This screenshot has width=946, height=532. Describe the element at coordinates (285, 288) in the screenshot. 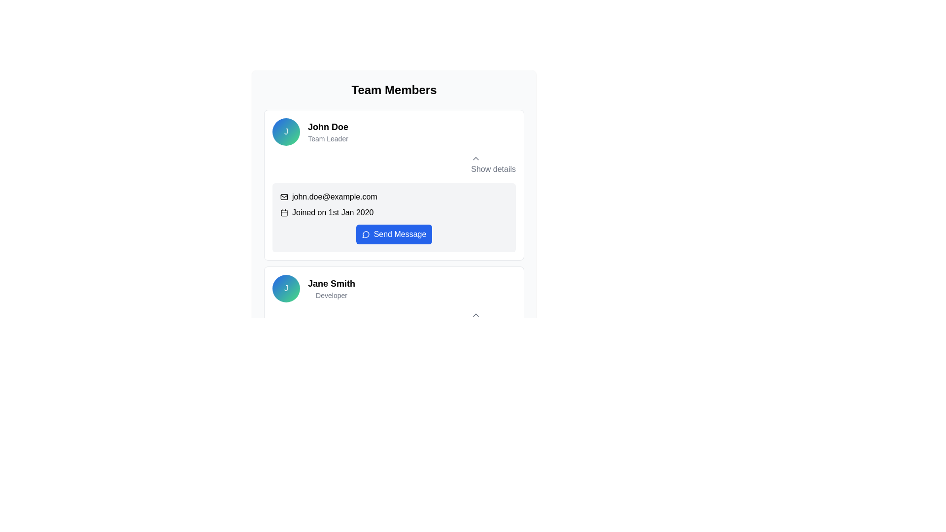

I see `the circular badge with a gradient background that contains the letter 'J' at its center, located under the 'Team Members' section` at that location.